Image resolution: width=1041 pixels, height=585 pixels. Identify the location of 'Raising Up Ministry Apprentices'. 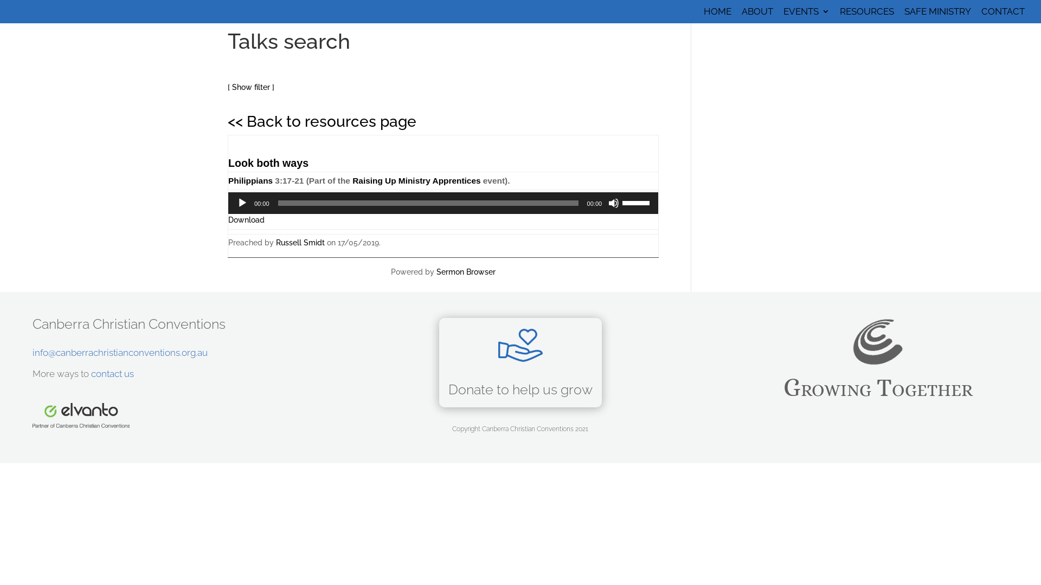
(416, 180).